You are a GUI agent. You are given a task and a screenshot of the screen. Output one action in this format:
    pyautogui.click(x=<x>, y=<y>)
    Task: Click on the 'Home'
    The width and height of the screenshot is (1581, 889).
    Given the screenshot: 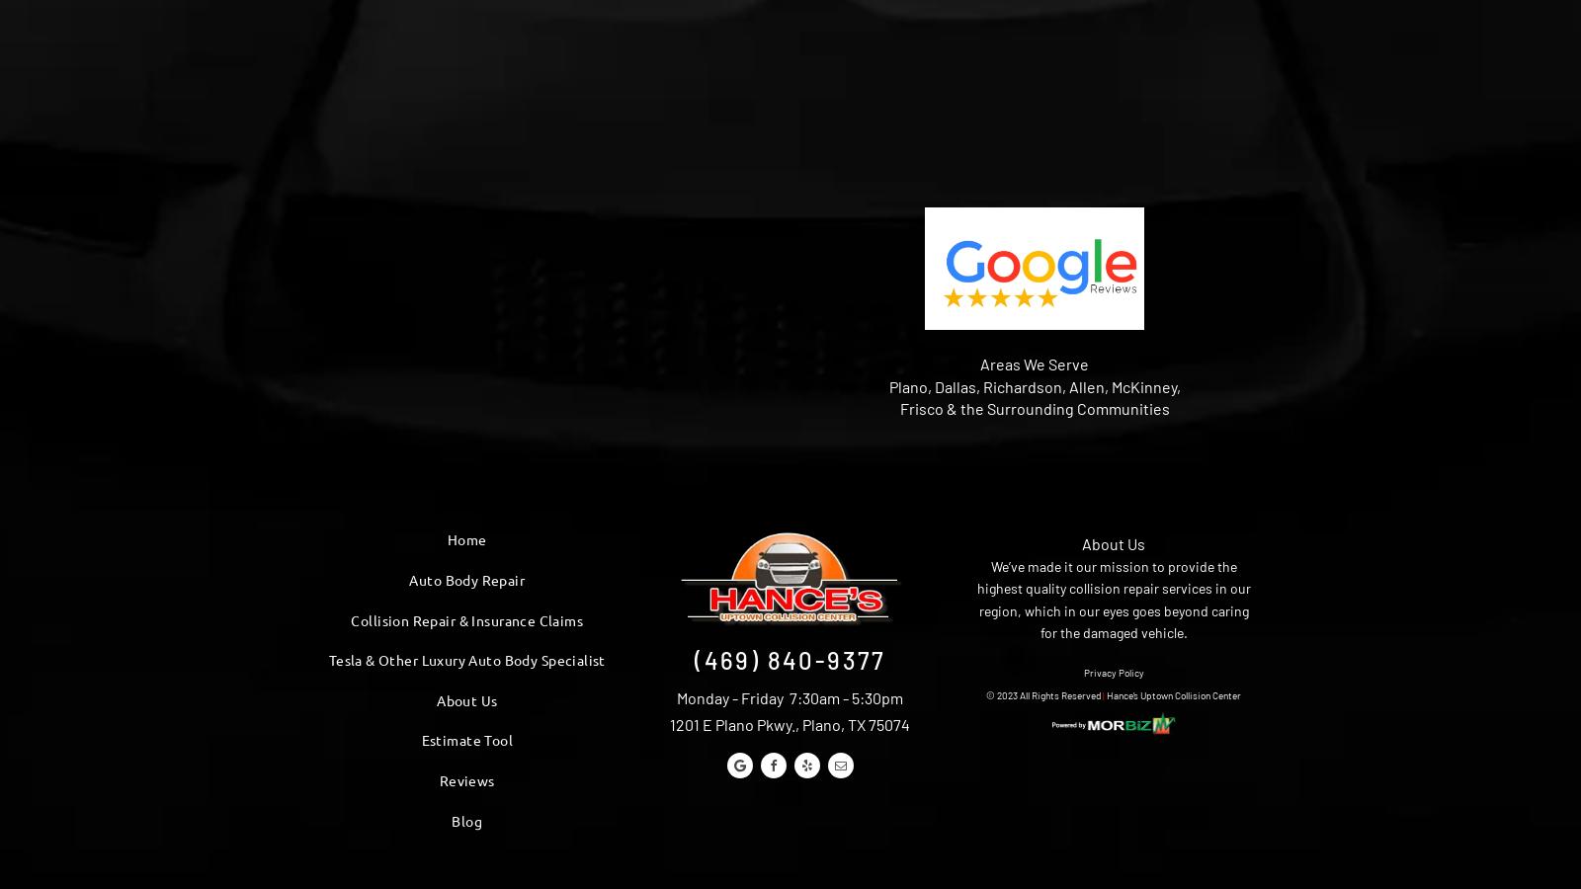 What is the action you would take?
    pyautogui.click(x=465, y=538)
    